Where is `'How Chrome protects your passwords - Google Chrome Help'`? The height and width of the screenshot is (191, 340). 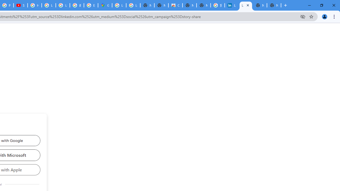
'How Chrome protects your passwords - Google Chrome Help' is located at coordinates (34, 5).